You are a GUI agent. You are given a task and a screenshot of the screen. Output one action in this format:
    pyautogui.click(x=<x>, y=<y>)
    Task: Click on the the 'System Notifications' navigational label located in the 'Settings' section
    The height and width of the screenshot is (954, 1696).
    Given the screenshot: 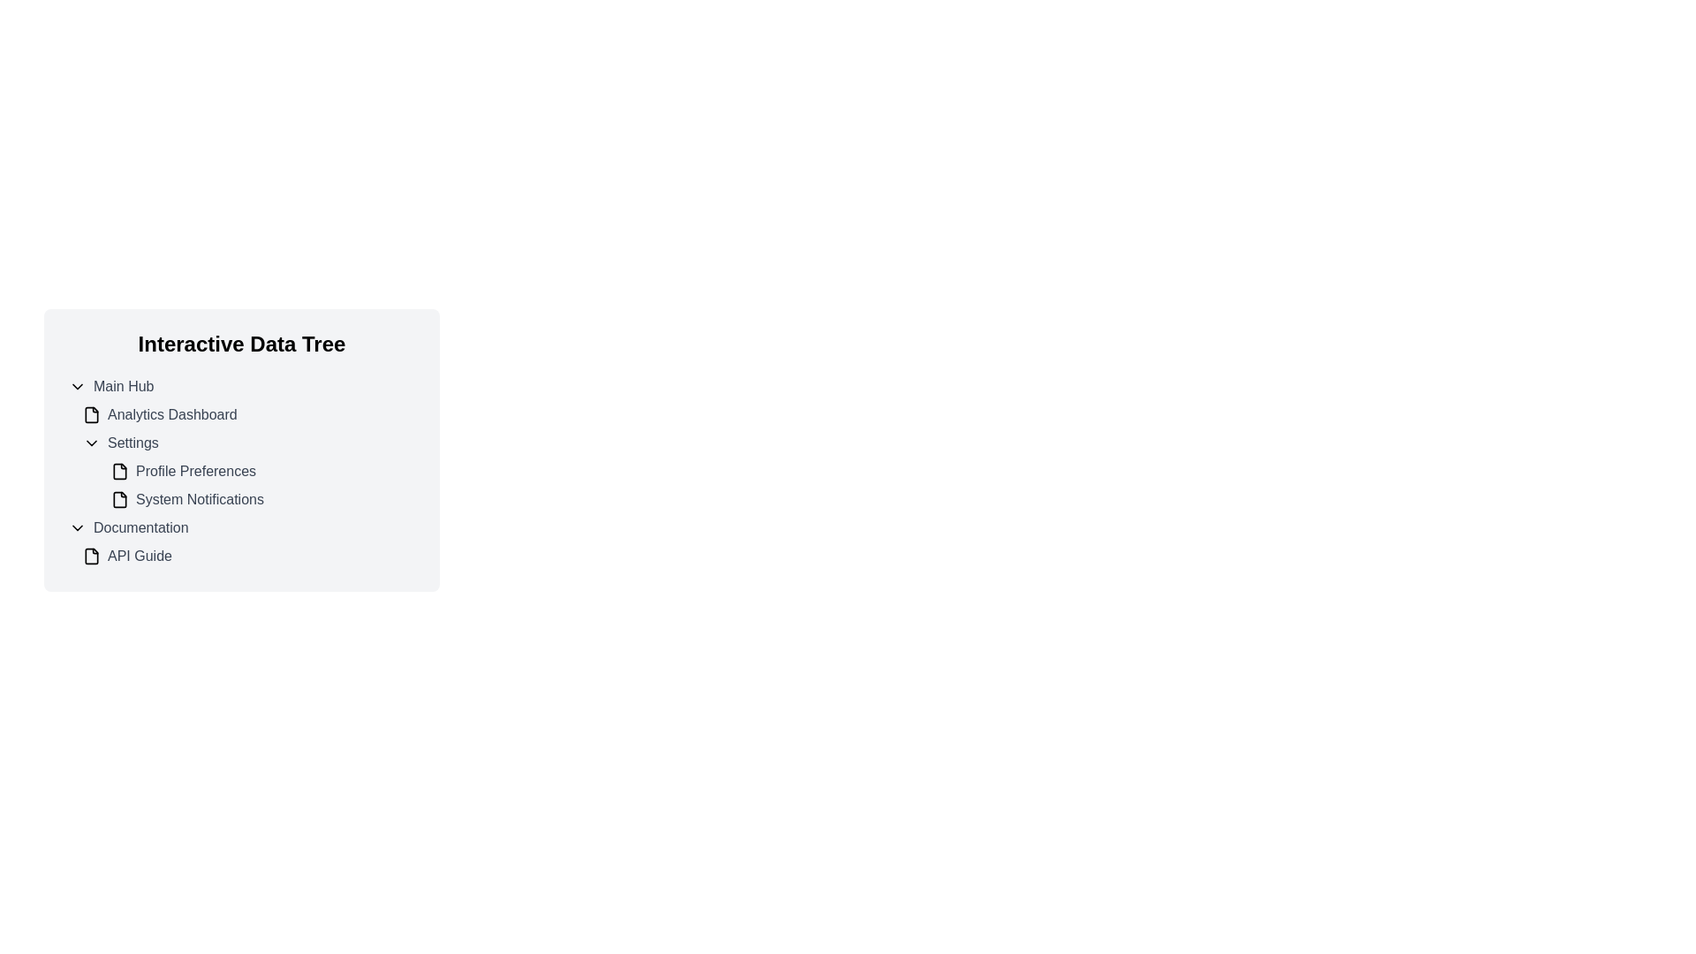 What is the action you would take?
    pyautogui.click(x=261, y=500)
    